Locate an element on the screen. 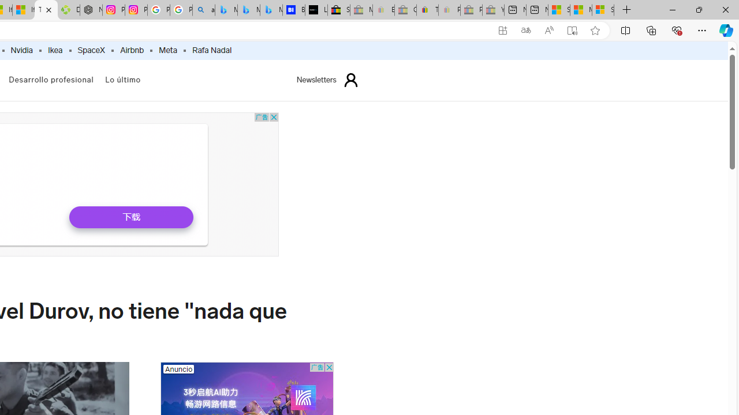 The width and height of the screenshot is (739, 415). 'Airbnb' is located at coordinates (132, 50).